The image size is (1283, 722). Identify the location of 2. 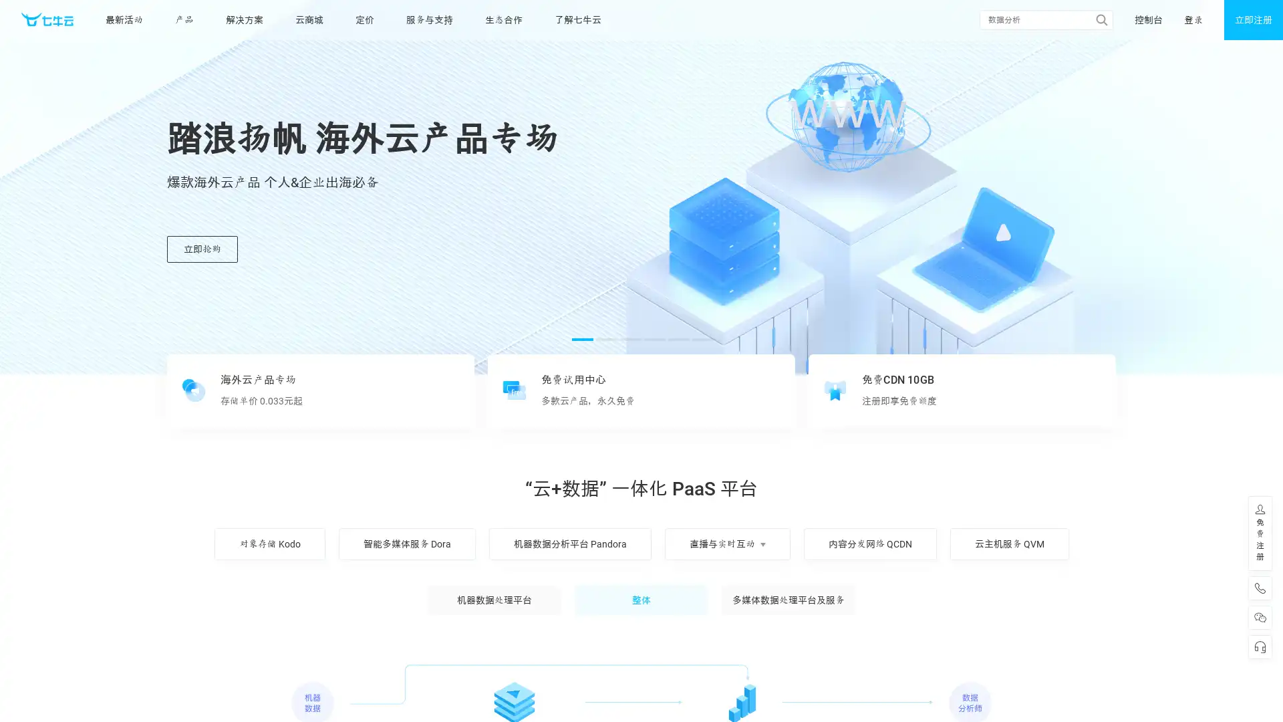
(605, 339).